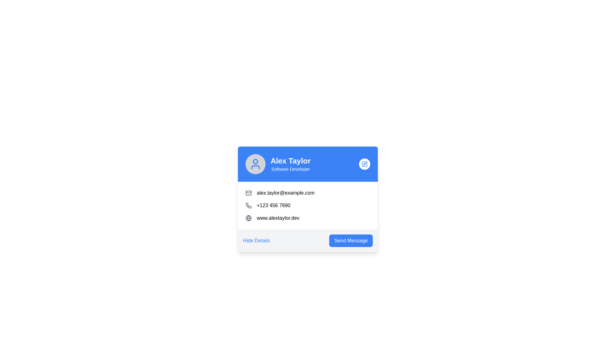 This screenshot has width=602, height=339. I want to click on the Profile section located in the top-left portion of the card component, which contains a user icon and the name 'Alex Taylor' along with the title 'Software Developer', so click(277, 164).